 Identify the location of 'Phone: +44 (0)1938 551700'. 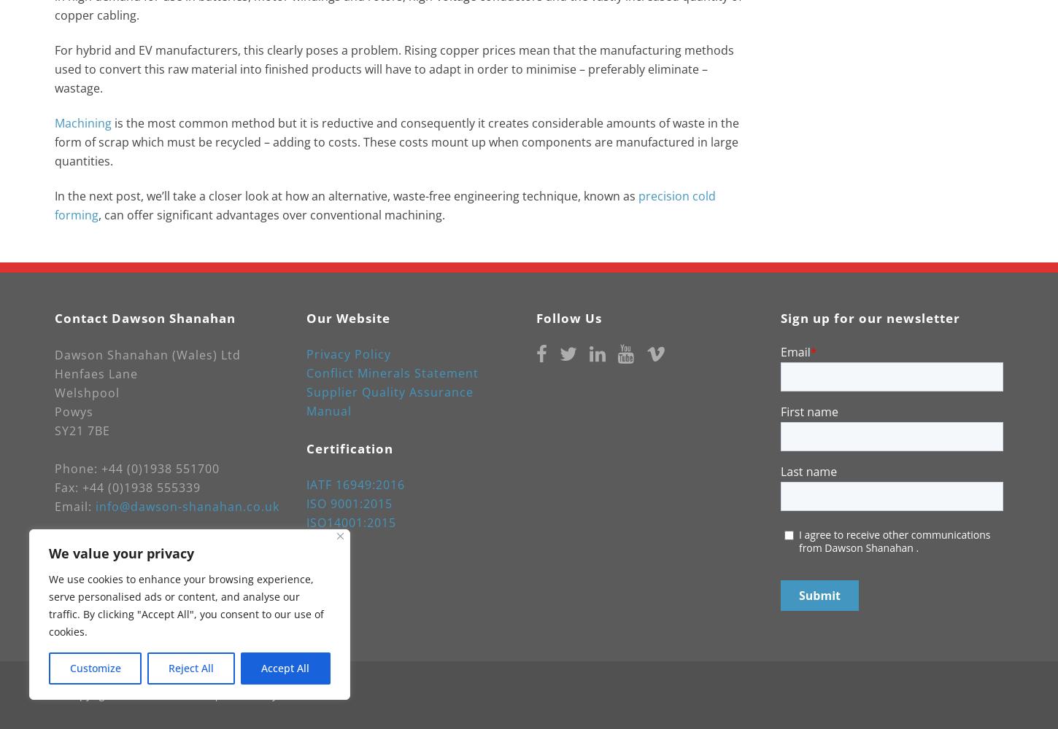
(136, 469).